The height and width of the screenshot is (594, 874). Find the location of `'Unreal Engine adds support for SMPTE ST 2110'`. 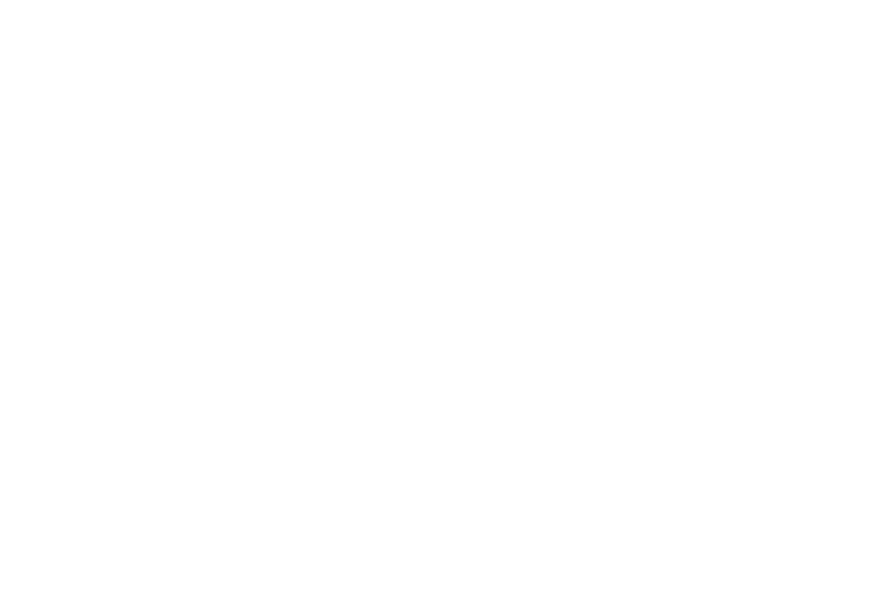

'Unreal Engine adds support for SMPTE ST 2110' is located at coordinates (661, 473).